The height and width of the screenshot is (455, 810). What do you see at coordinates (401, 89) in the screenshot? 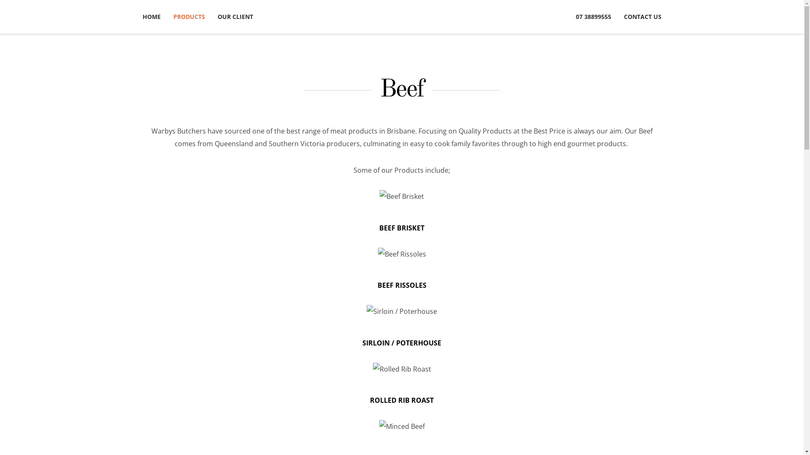
I see `'Beef'` at bounding box center [401, 89].